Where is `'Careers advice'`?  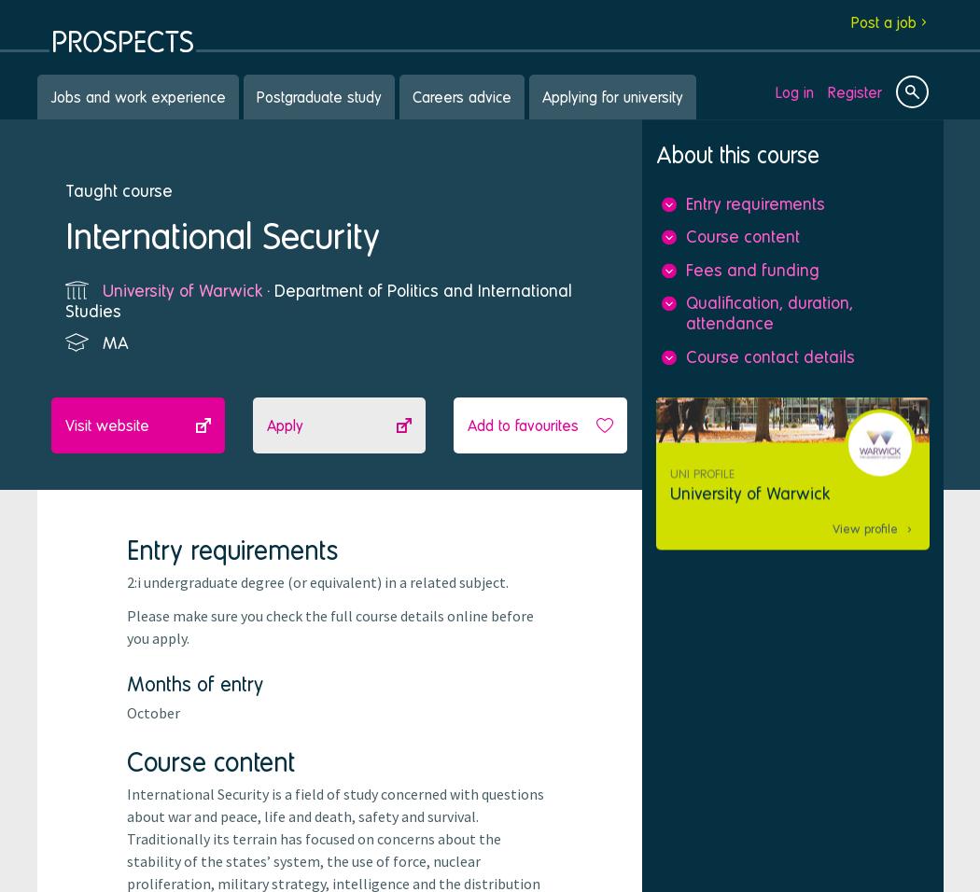
'Careers advice' is located at coordinates (460, 95).